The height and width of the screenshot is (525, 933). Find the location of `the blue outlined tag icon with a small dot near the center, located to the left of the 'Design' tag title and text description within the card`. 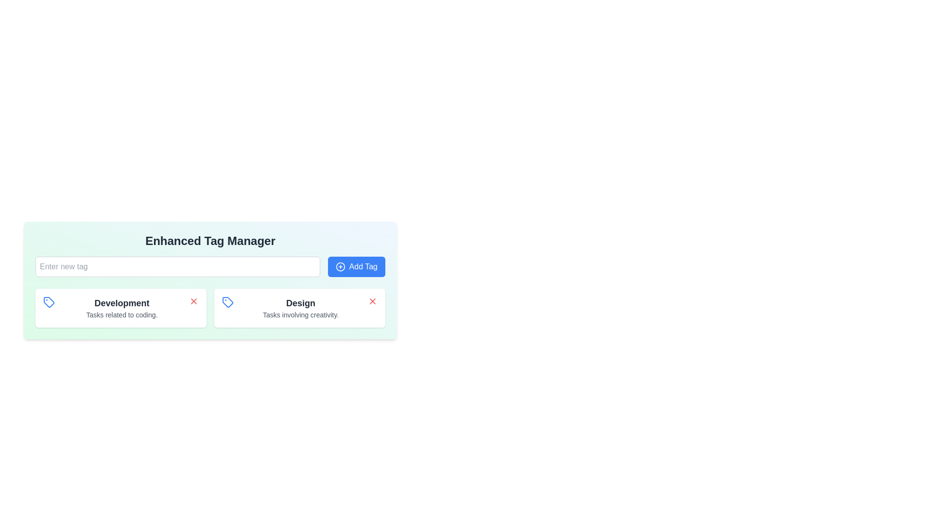

the blue outlined tag icon with a small dot near the center, located to the left of the 'Design' tag title and text description within the card is located at coordinates (227, 301).